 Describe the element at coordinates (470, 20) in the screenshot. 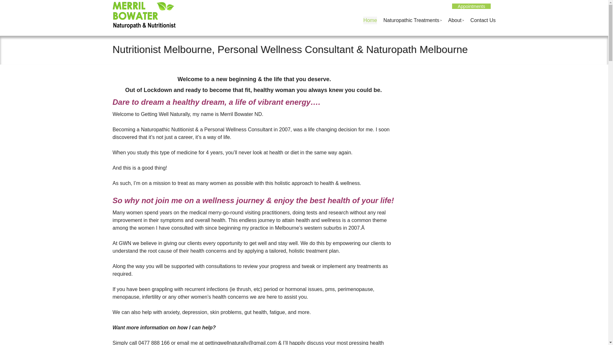

I see `'Contact Us'` at that location.